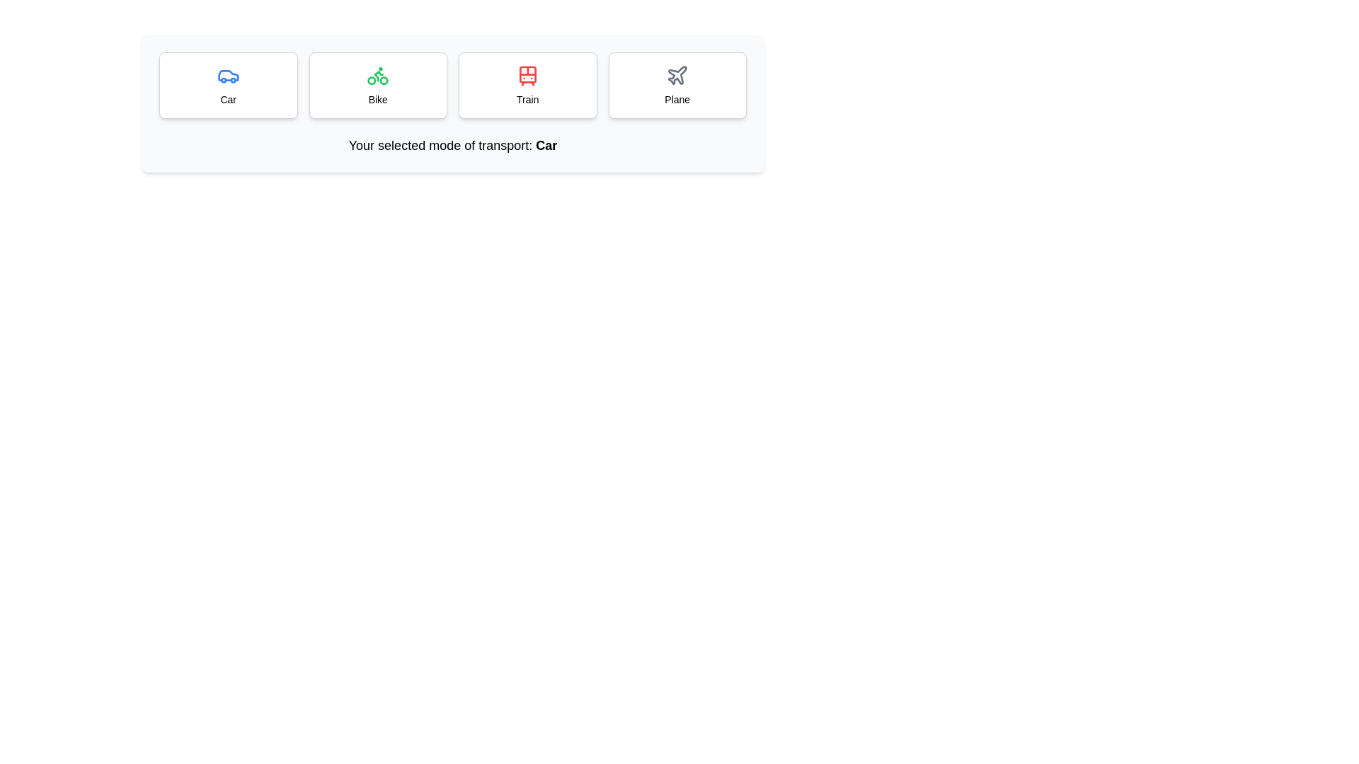 The width and height of the screenshot is (1359, 764). I want to click on the Text Label that describes the purpose of the 'Plane' transport mode card, located at the bottom section of the card below an airplane icon, so click(677, 99).